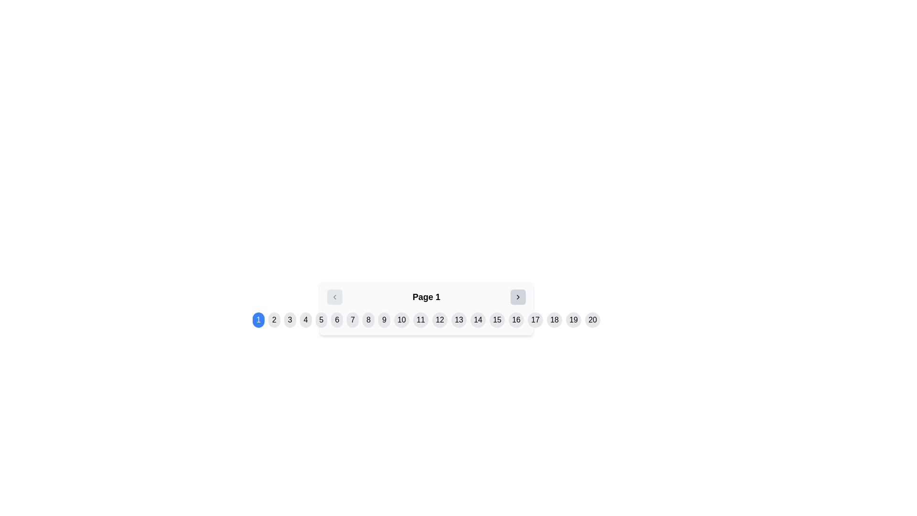  Describe the element at coordinates (368, 320) in the screenshot. I see `the eighth button in the horizontal row` at that location.